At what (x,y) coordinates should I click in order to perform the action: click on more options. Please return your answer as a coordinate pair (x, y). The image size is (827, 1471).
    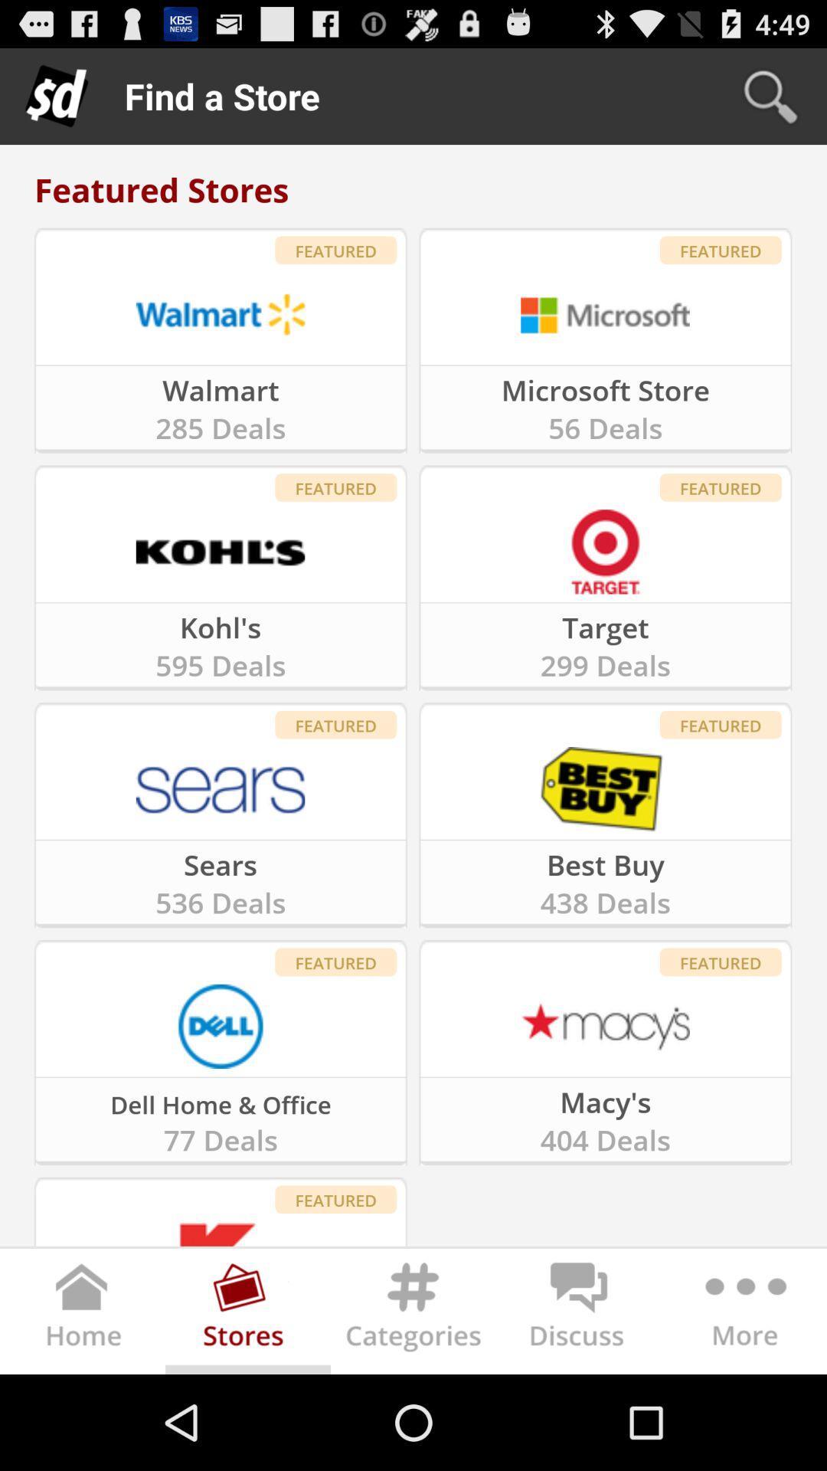
    Looking at the image, I should click on (743, 1313).